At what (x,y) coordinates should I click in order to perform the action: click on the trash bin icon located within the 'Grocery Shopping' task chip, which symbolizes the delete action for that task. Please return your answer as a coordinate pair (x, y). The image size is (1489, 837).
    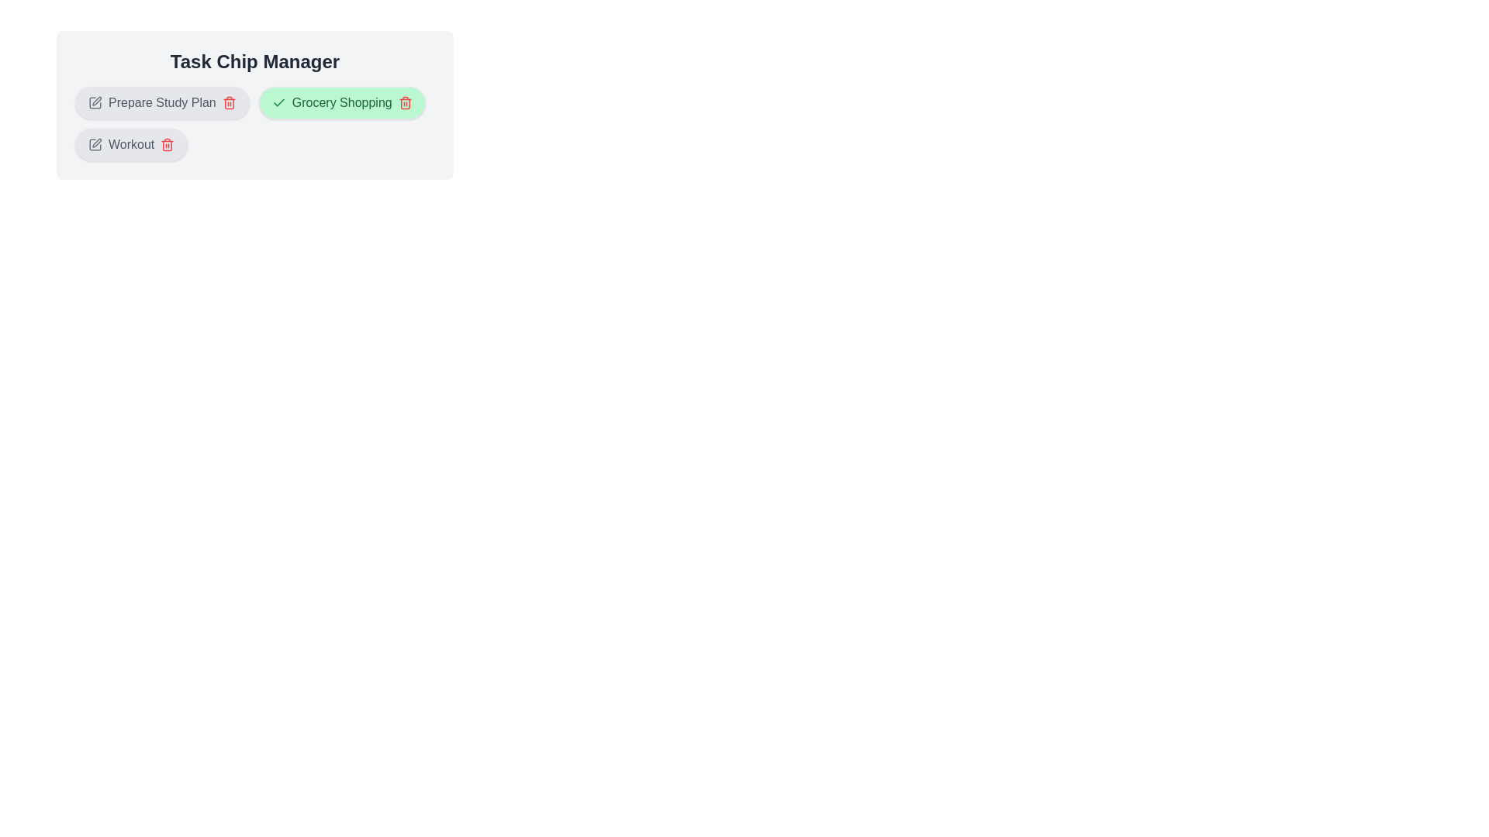
    Looking at the image, I should click on (405, 104).